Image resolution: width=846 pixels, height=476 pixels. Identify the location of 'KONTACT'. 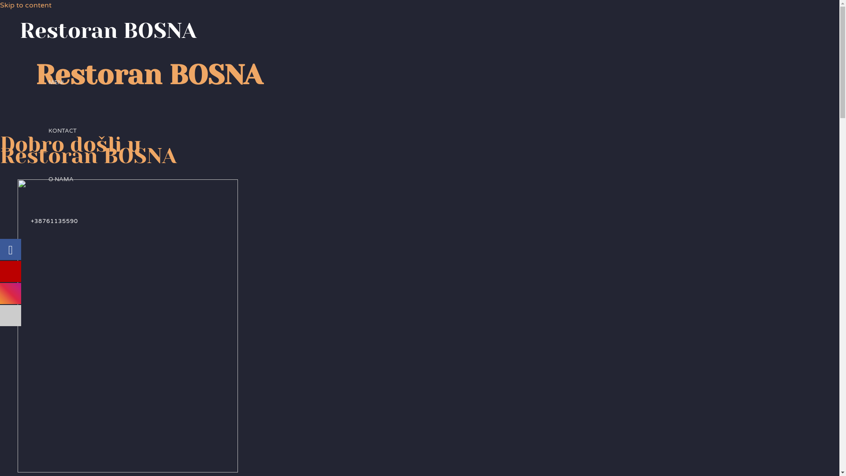
(62, 131).